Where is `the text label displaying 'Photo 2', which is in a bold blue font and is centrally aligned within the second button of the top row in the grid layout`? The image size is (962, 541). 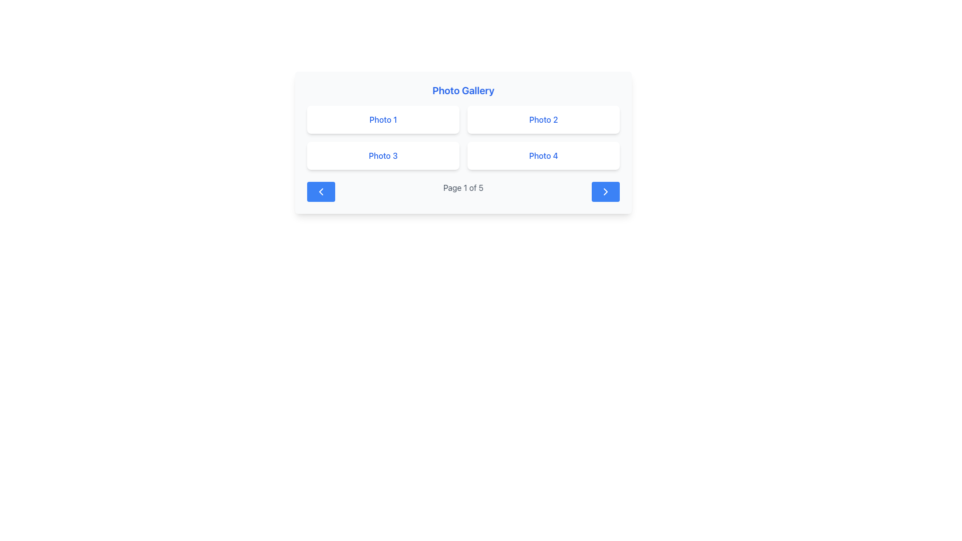
the text label displaying 'Photo 2', which is in a bold blue font and is centrally aligned within the second button of the top row in the grid layout is located at coordinates (543, 119).